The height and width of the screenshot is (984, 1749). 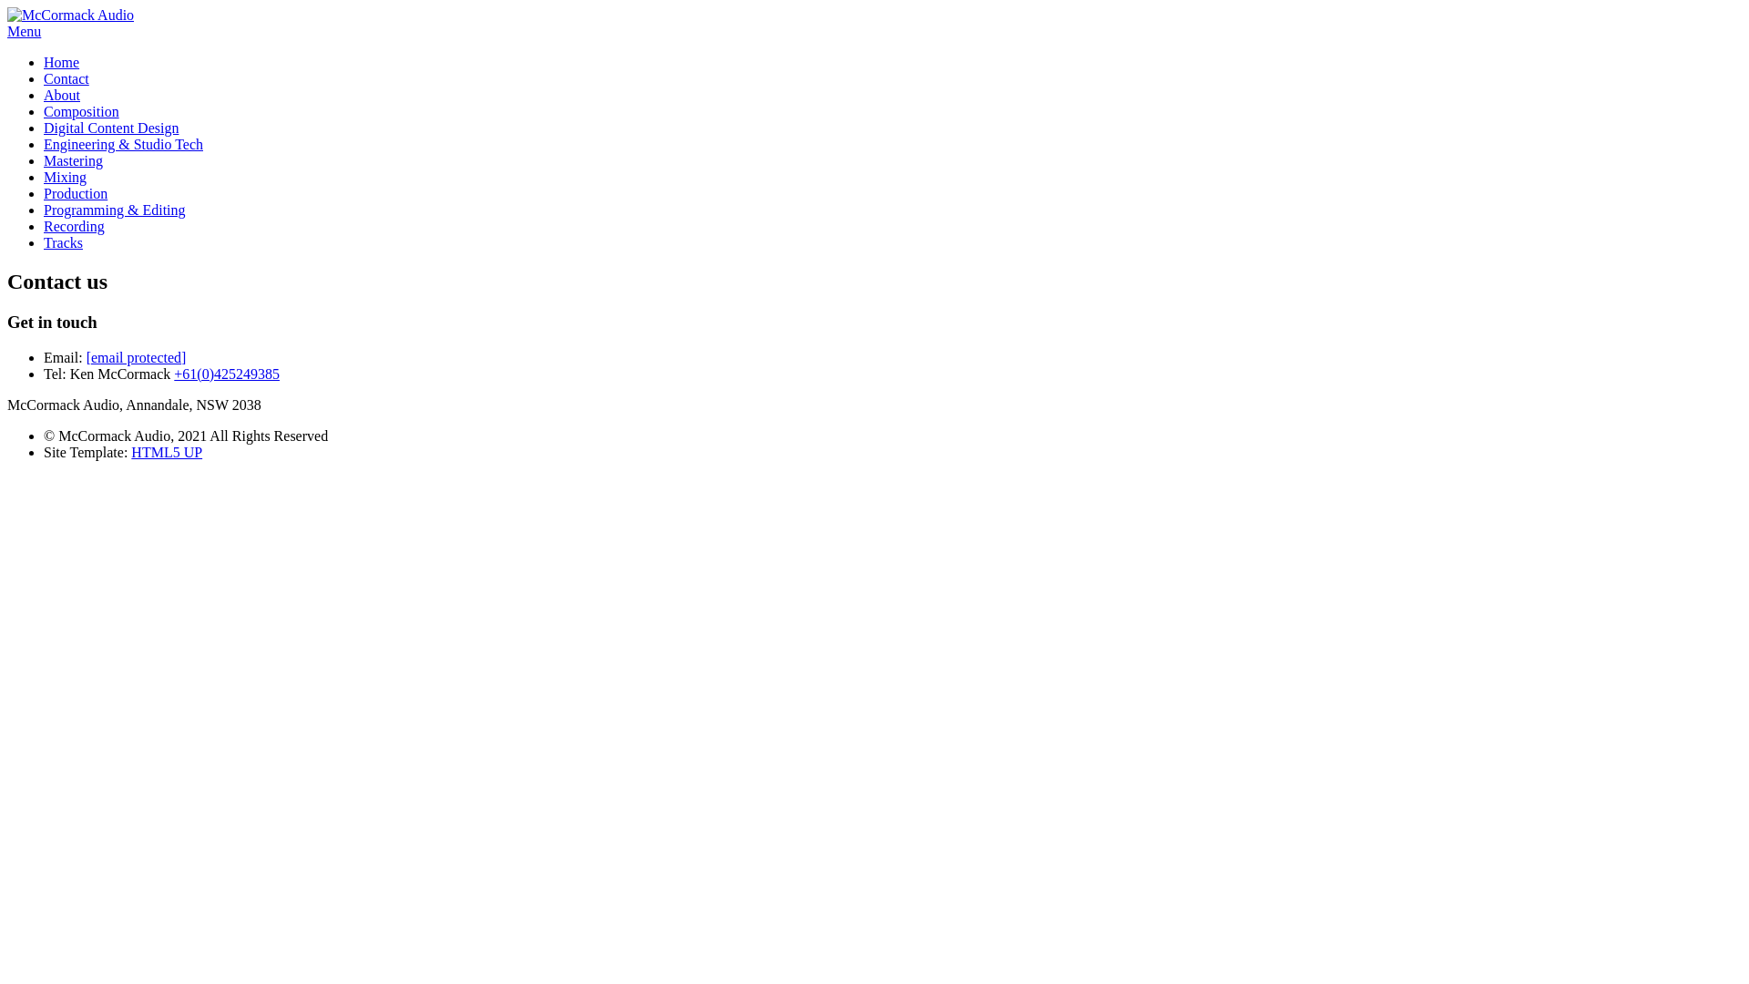 What do you see at coordinates (80, 111) in the screenshot?
I see `'Composition'` at bounding box center [80, 111].